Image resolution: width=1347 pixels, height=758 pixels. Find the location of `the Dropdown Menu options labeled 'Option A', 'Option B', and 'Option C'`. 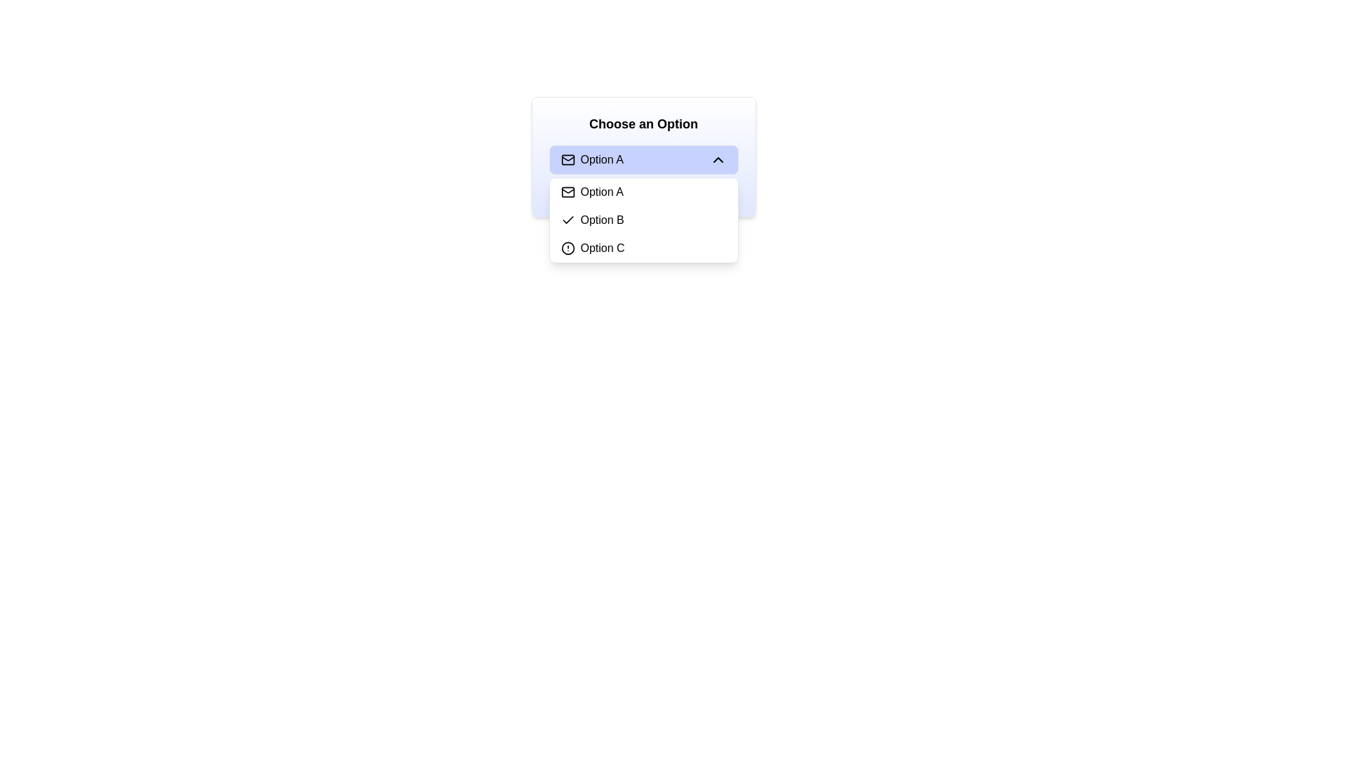

the Dropdown Menu options labeled 'Option A', 'Option B', and 'Option C' is located at coordinates (643, 220).